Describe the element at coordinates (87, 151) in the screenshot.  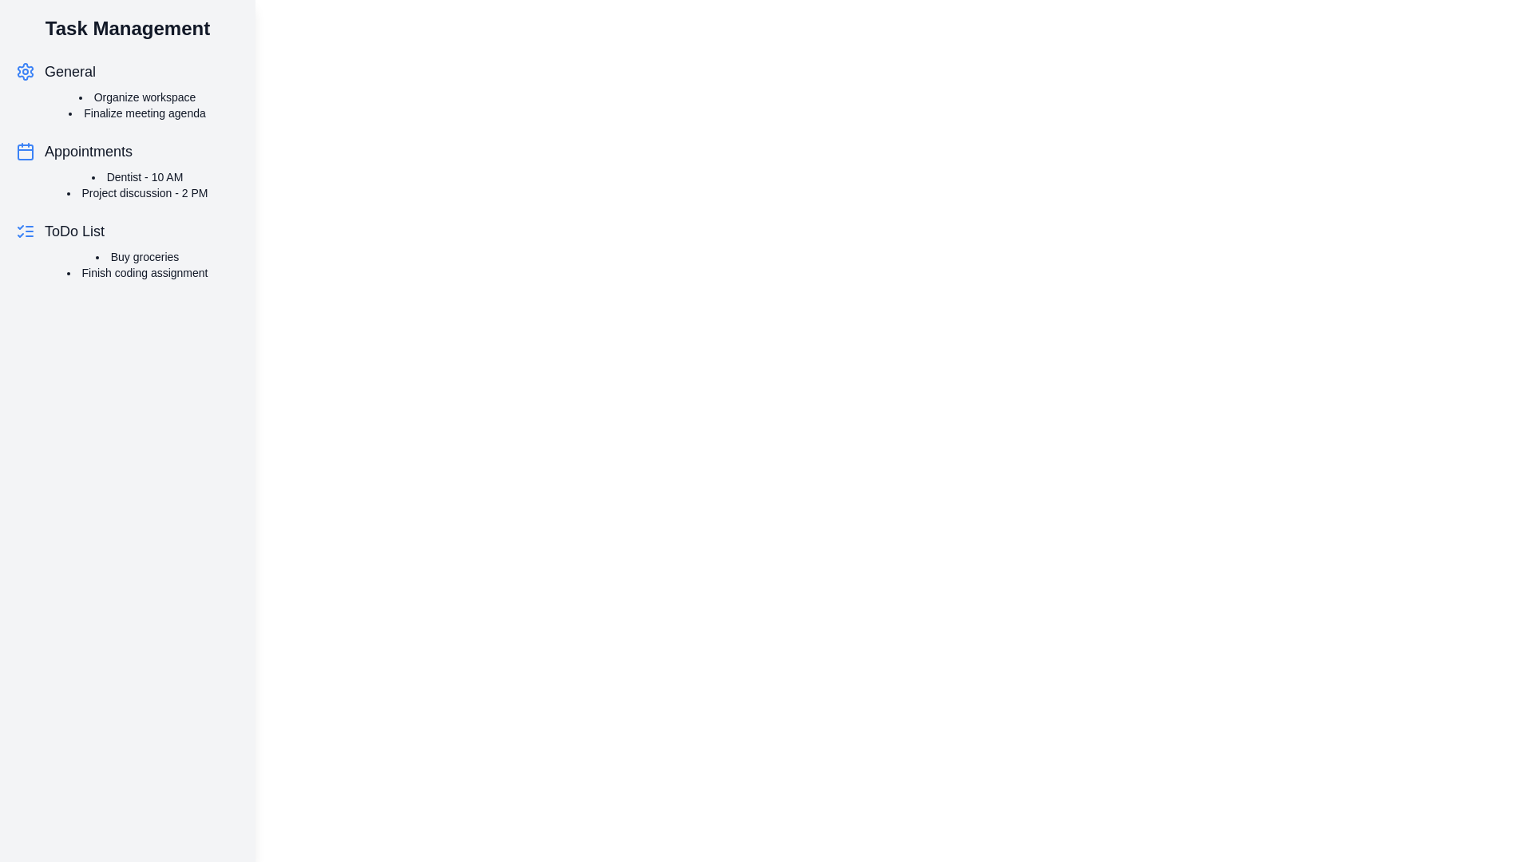
I see `the task category Appointments by clicking on its name or icon` at that location.